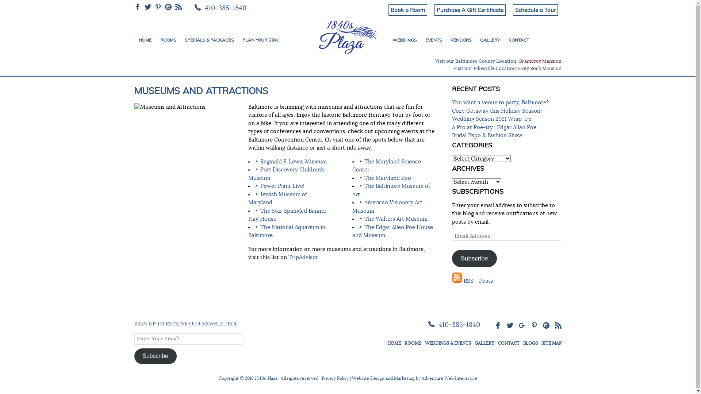 The width and height of the screenshot is (701, 394). What do you see at coordinates (155, 355) in the screenshot?
I see `'Subscribe'` at bounding box center [155, 355].